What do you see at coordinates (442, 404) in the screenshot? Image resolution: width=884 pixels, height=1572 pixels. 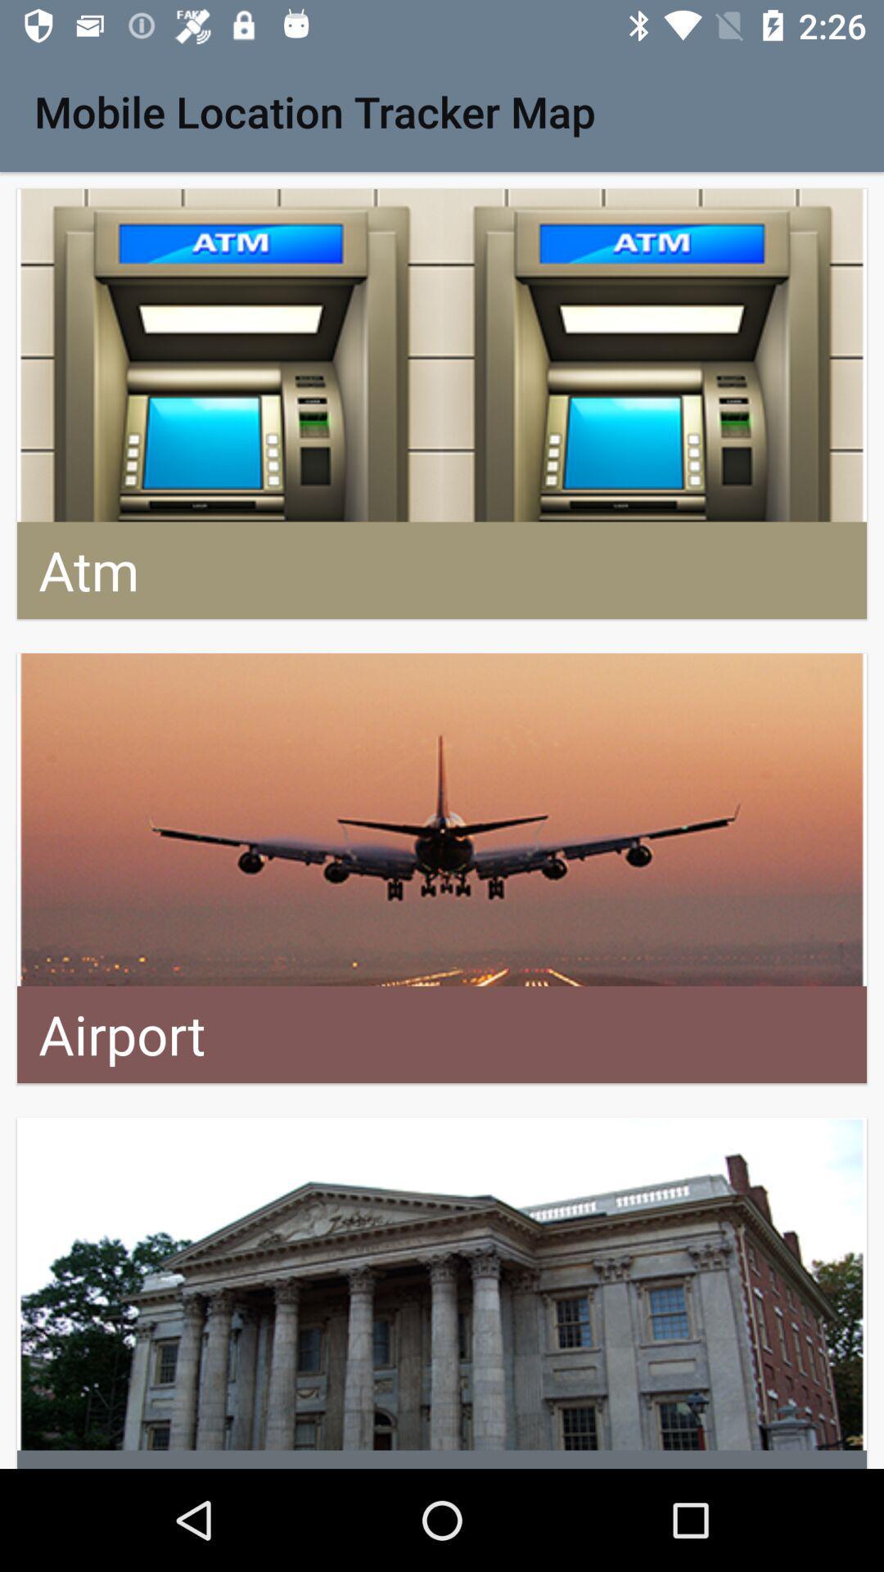 I see `find atms` at bounding box center [442, 404].